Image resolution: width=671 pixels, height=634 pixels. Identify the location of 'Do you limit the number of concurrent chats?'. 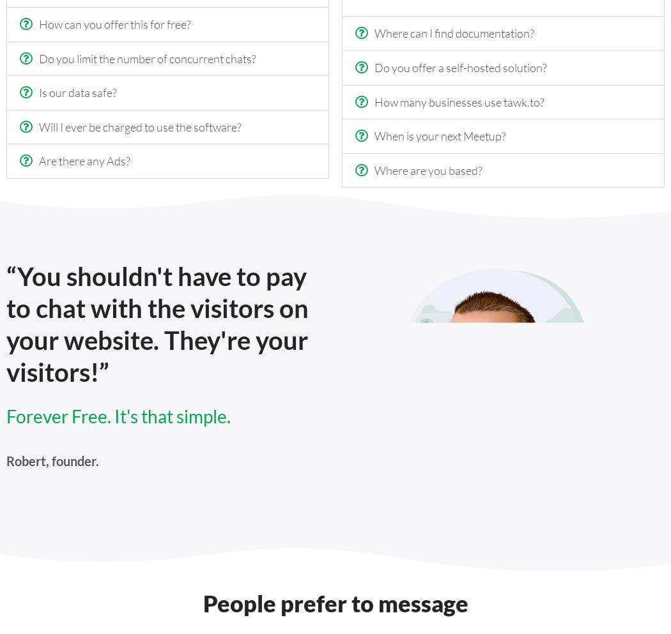
(148, 57).